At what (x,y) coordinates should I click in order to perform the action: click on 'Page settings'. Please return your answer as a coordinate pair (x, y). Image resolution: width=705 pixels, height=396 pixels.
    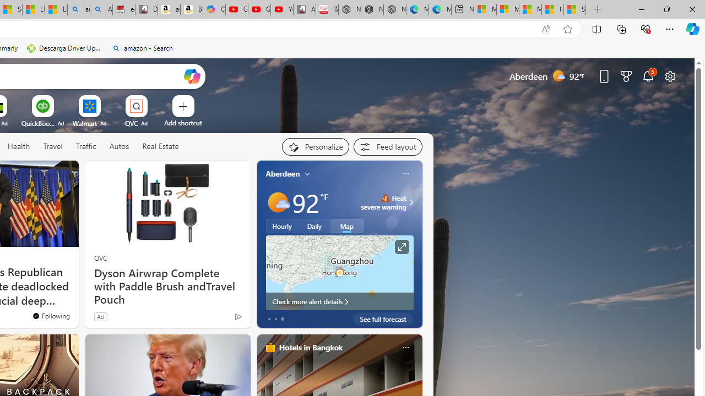
    Looking at the image, I should click on (669, 75).